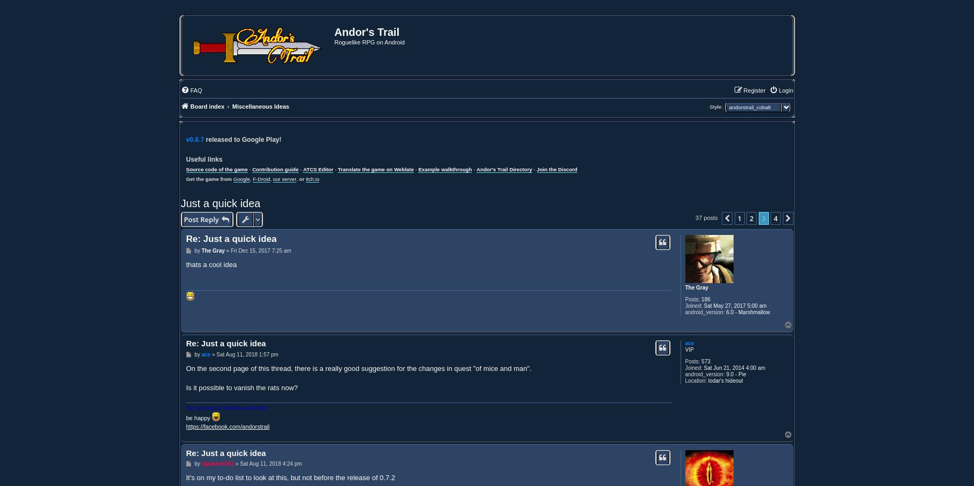 The width and height of the screenshot is (974, 486). I want to click on 'Sat May 27, 2017 5:00 am', so click(733, 306).